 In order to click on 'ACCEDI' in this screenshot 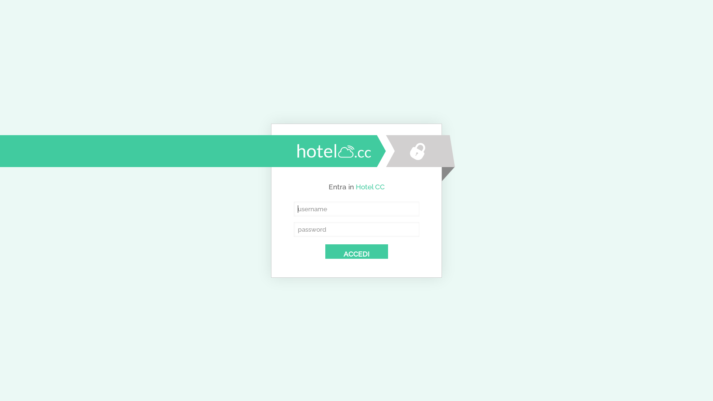, I will do `click(356, 251)`.